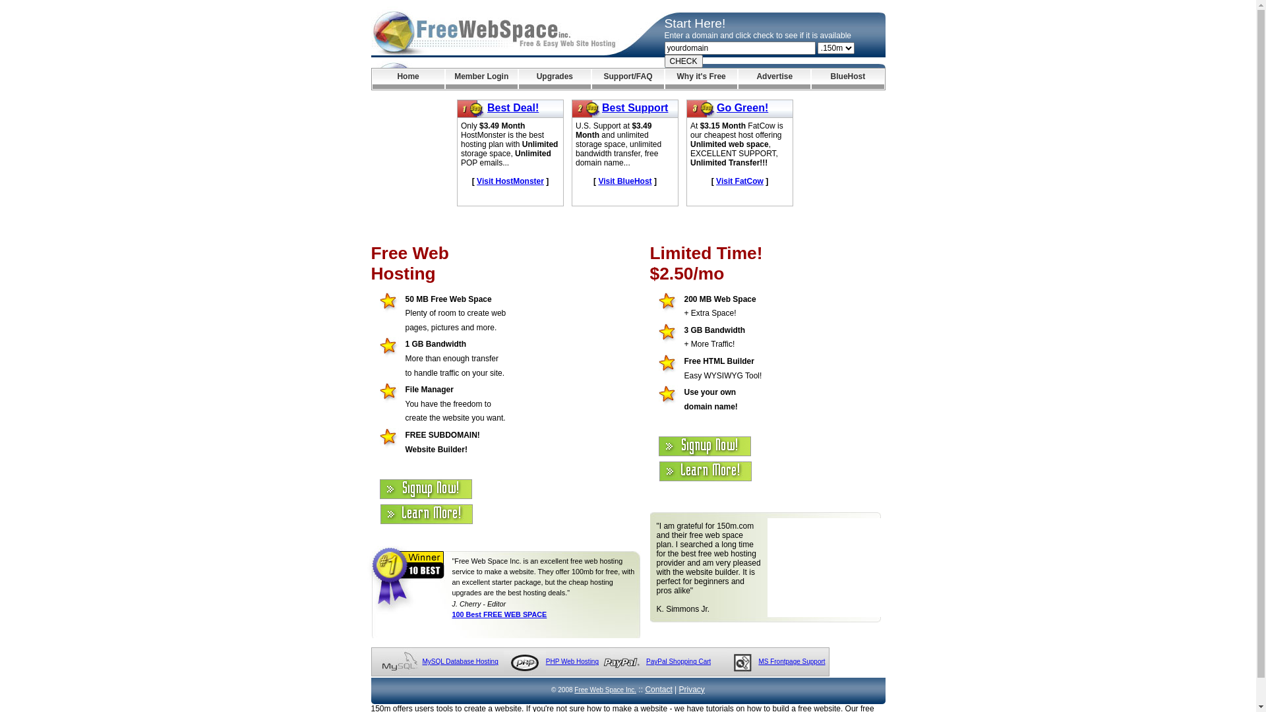  I want to click on 'PayPal Shopping Cart', so click(678, 661).